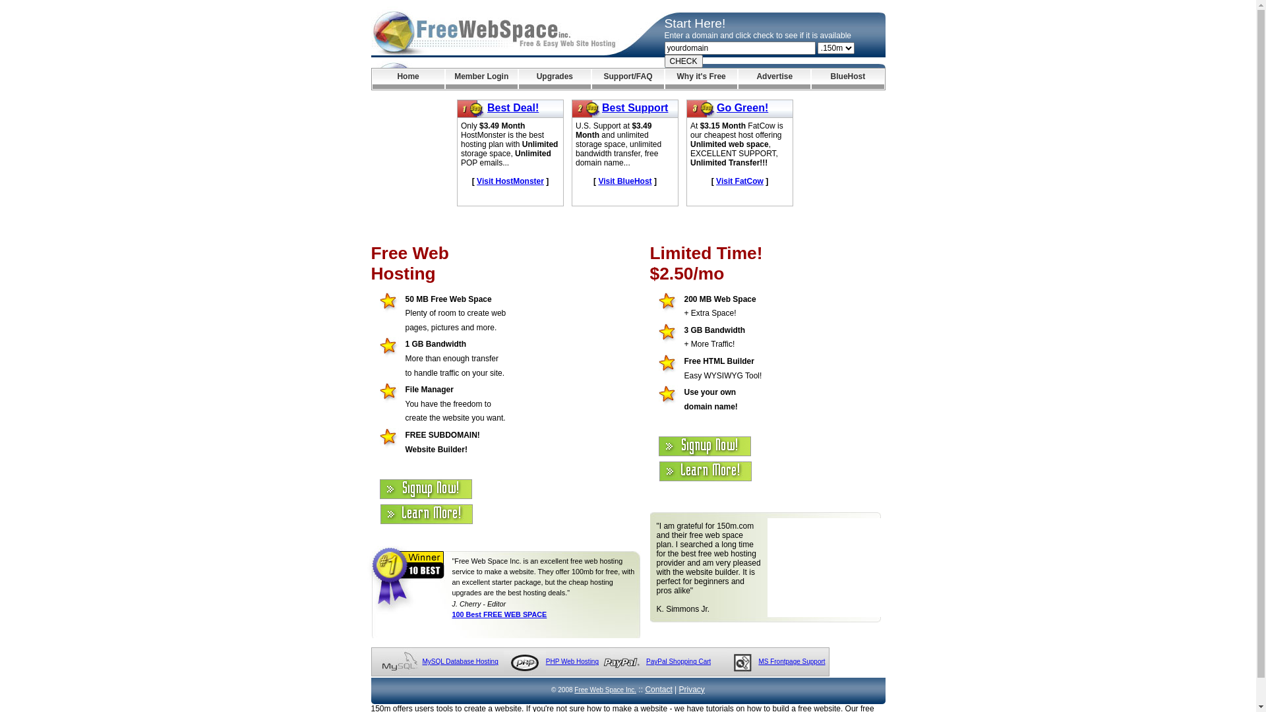  I want to click on 'PayPal Shopping Cart', so click(678, 661).